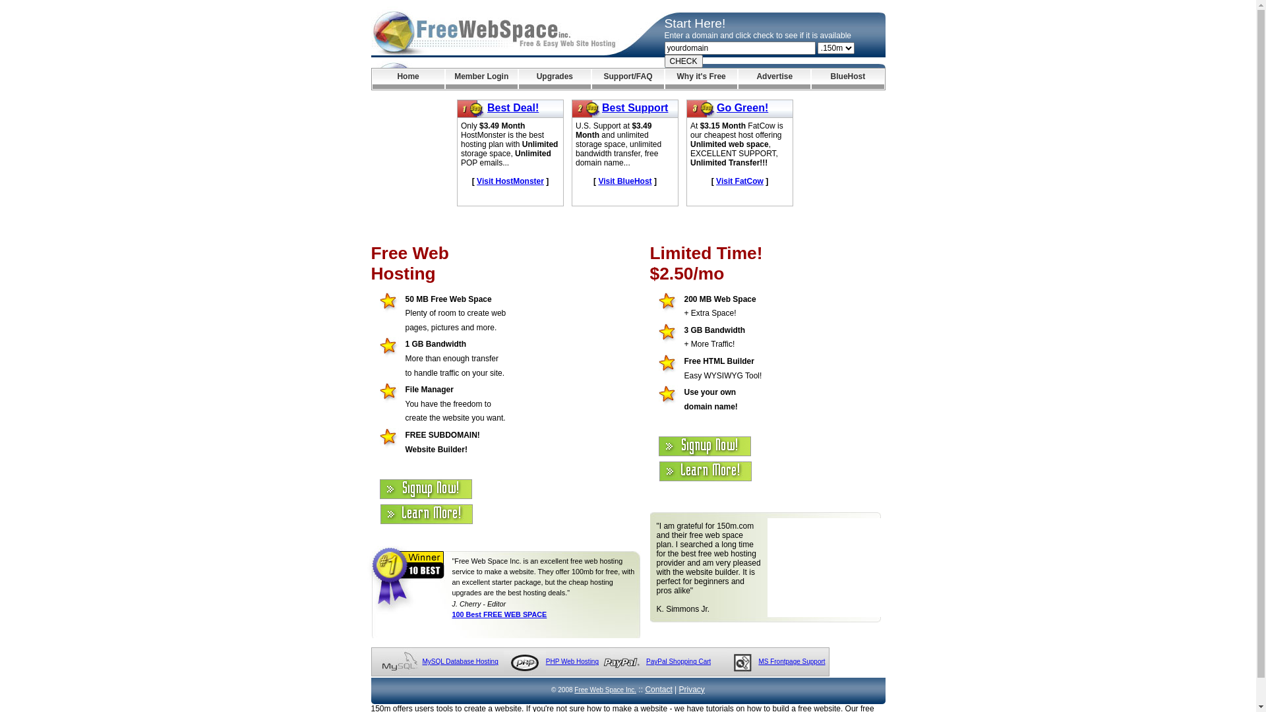  I want to click on 'PayPal Shopping Cart', so click(678, 661).